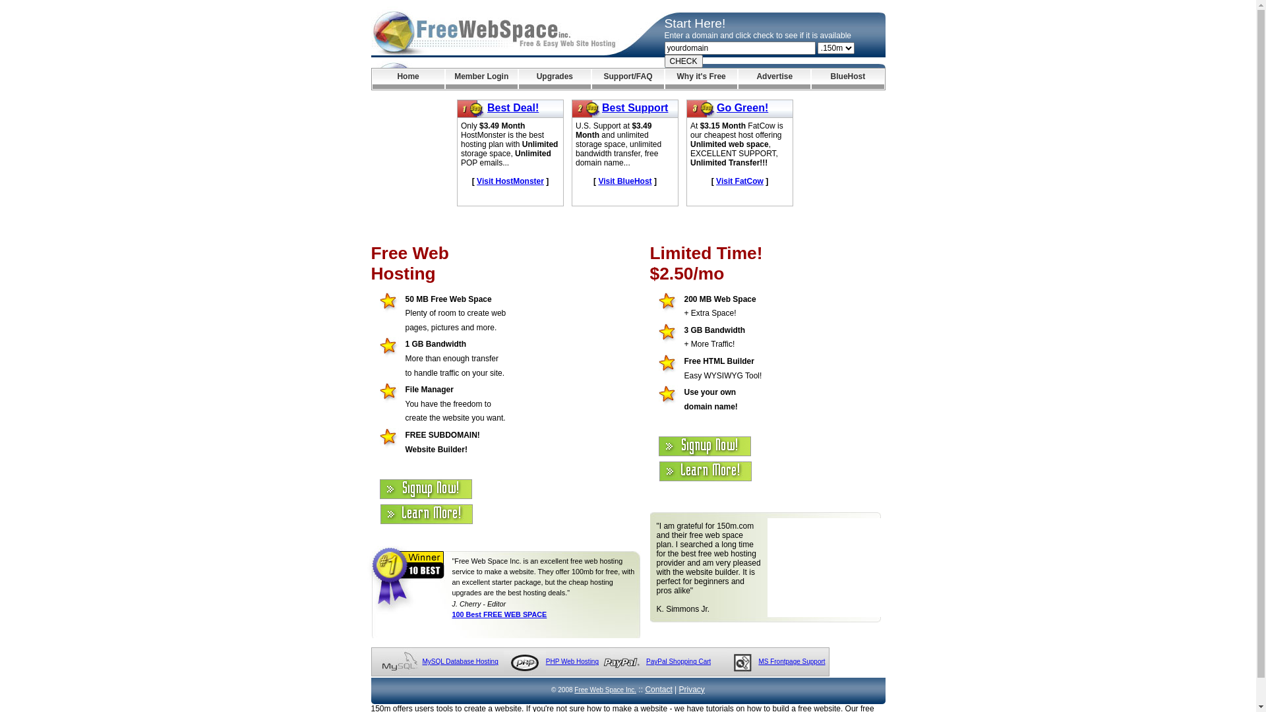  I want to click on 'PayPal Shopping Cart', so click(678, 661).